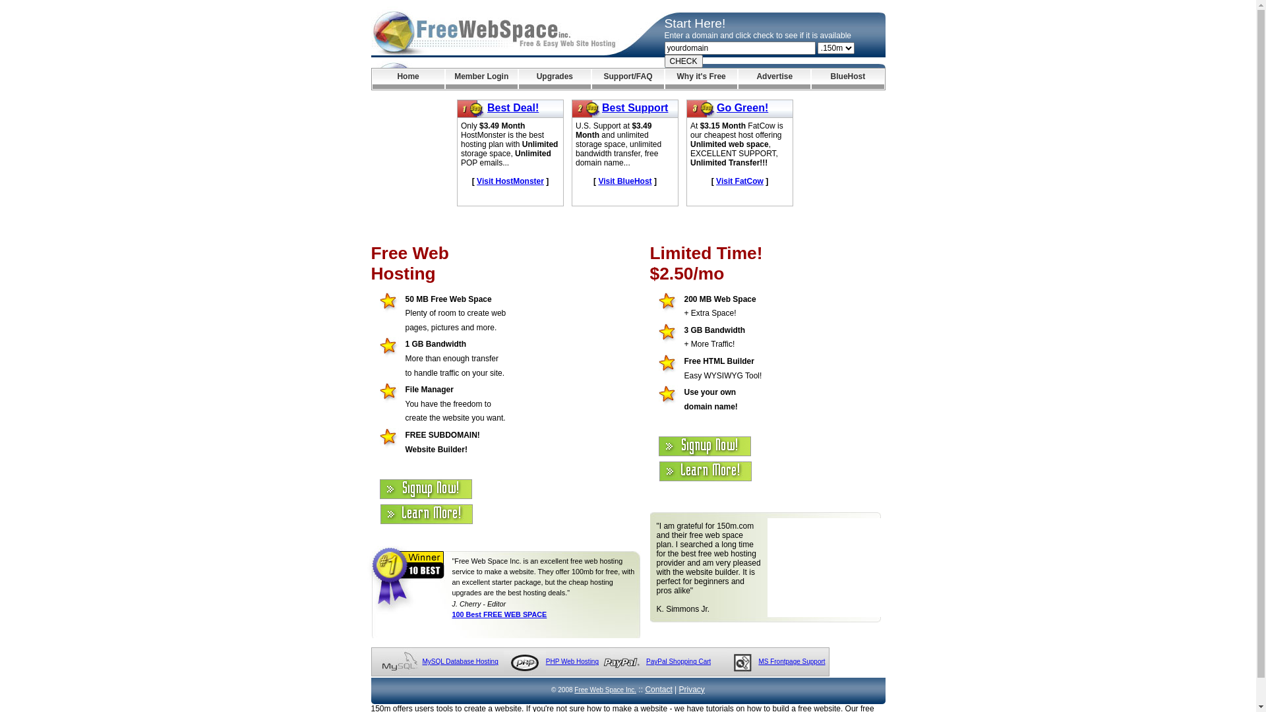  I want to click on 'PayPal Shopping Cart', so click(678, 661).